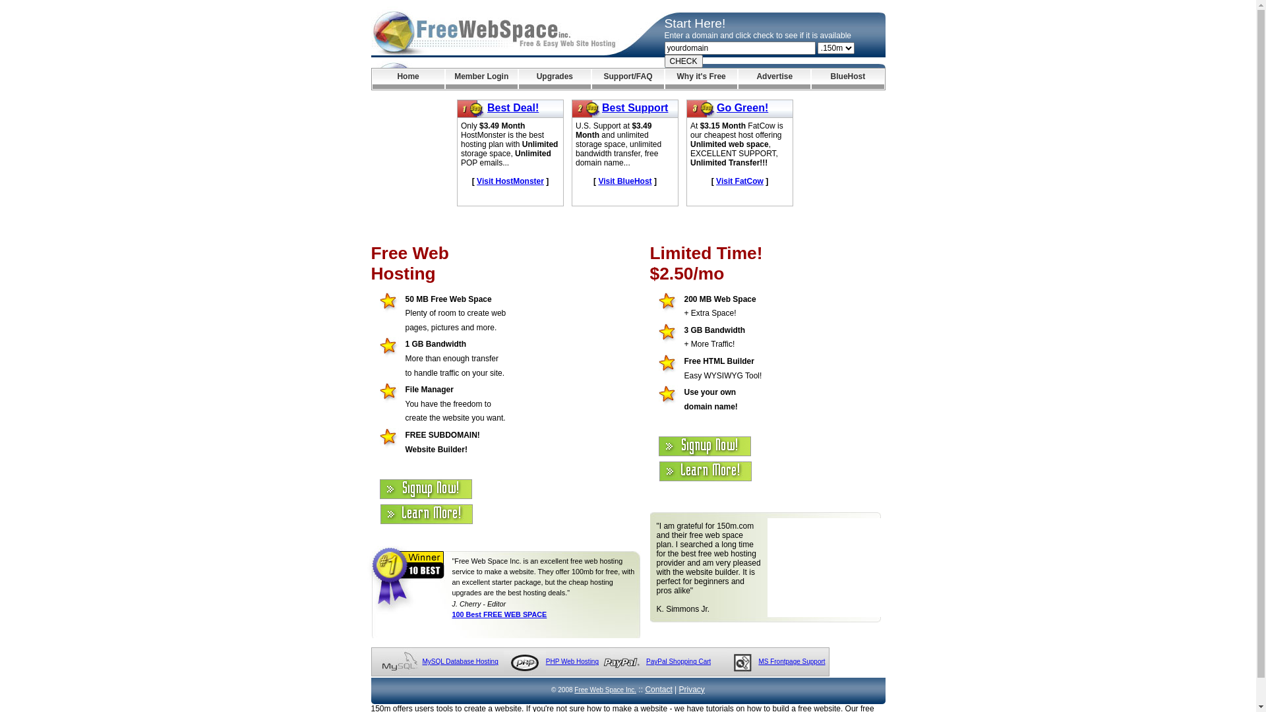  I want to click on 'PayPal Shopping Cart', so click(678, 661).